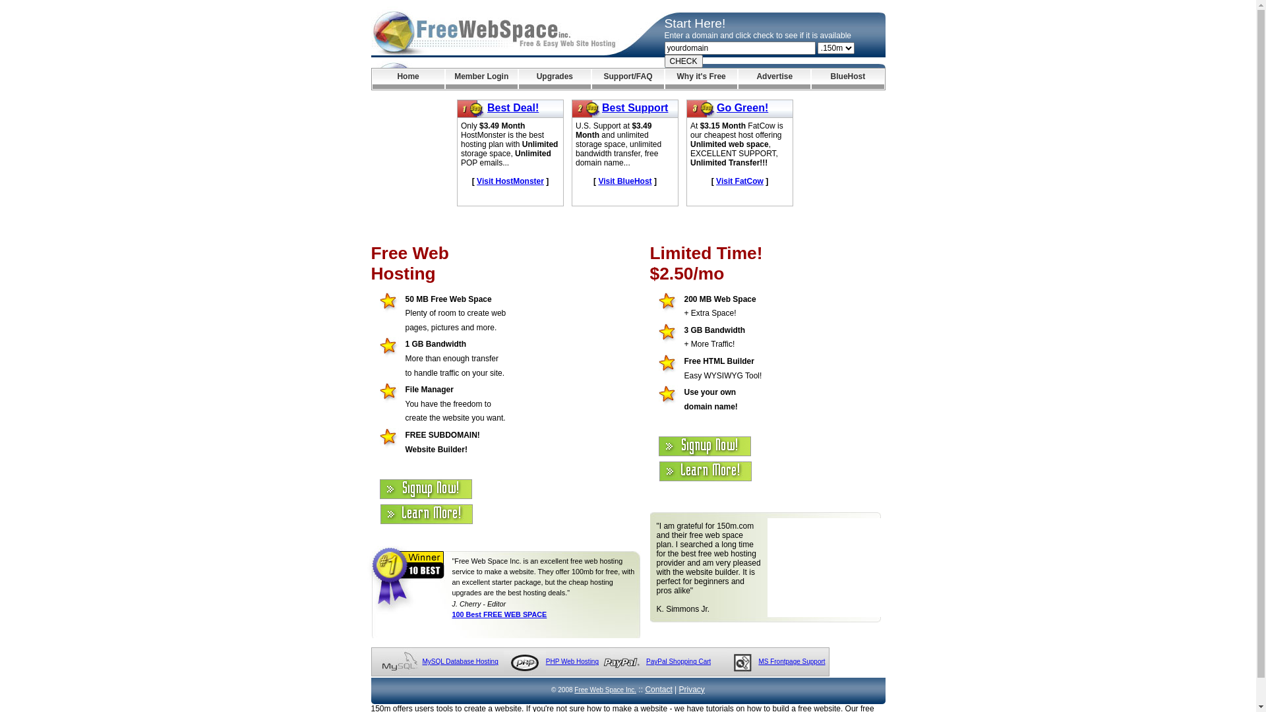  I want to click on 'PayPal Shopping Cart', so click(678, 661).